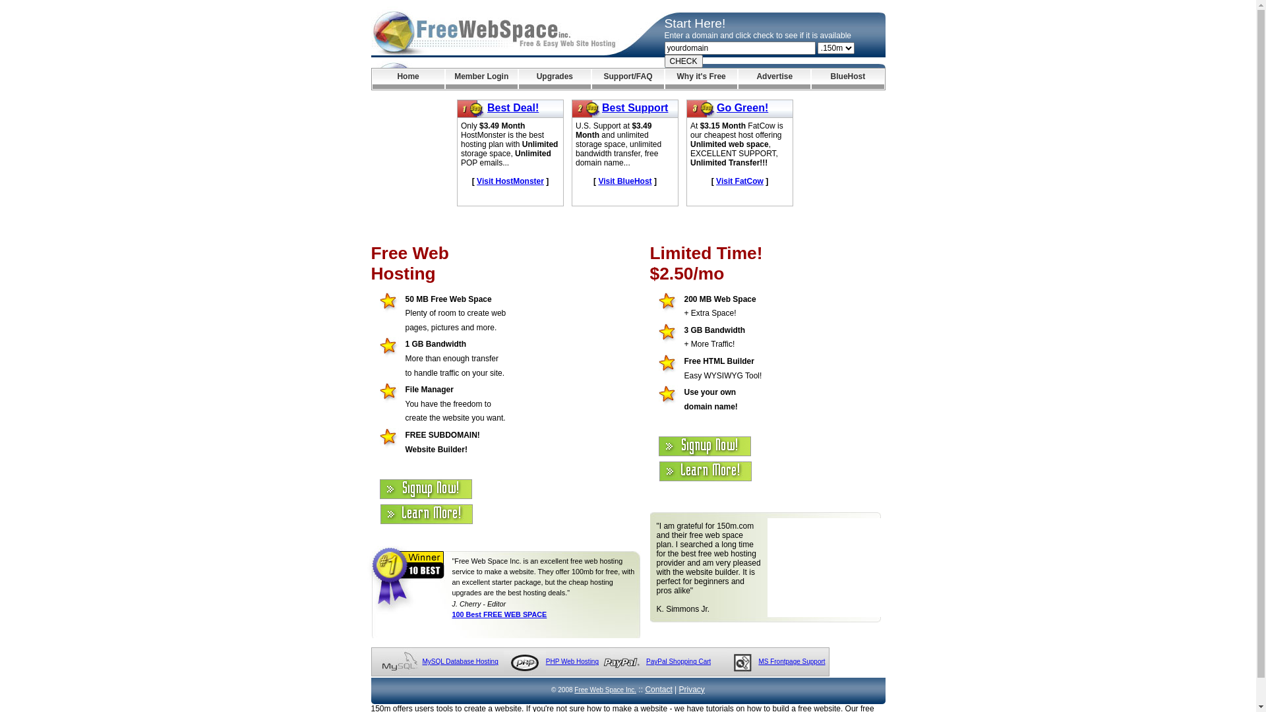  I want to click on 'PayPal Shopping Cart', so click(678, 661).